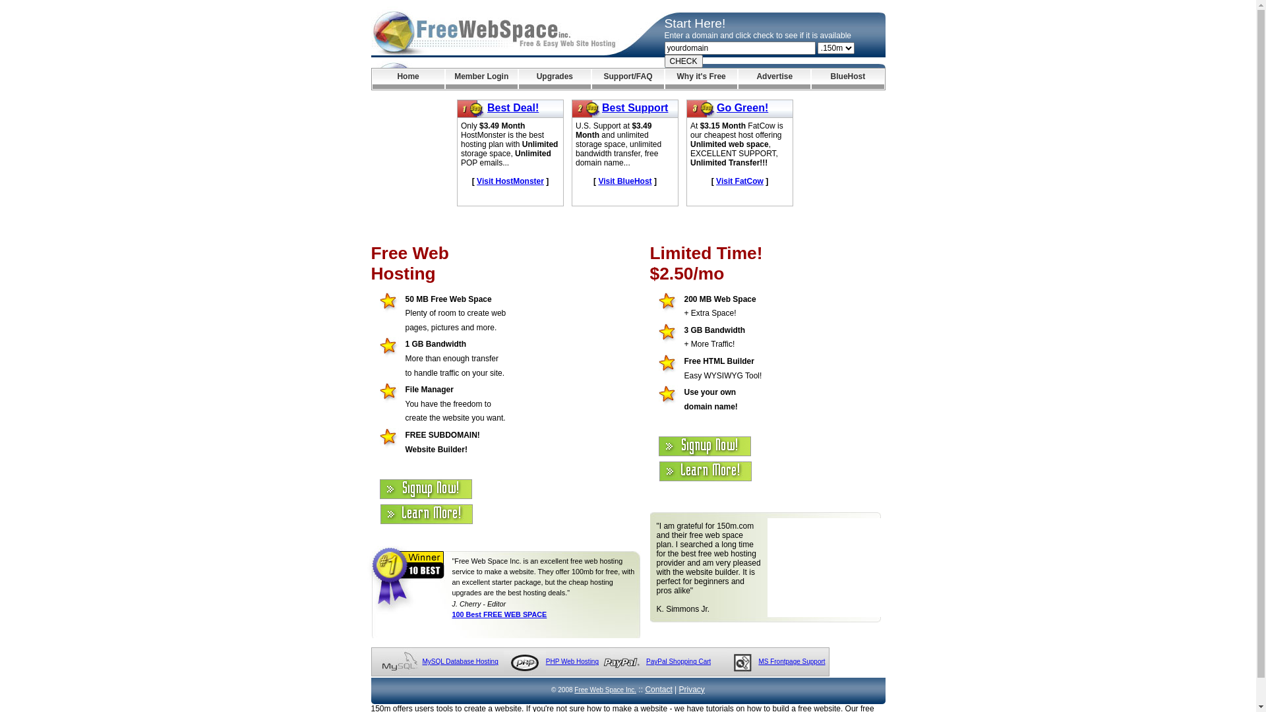  I want to click on 'PayPal Shopping Cart', so click(678, 661).